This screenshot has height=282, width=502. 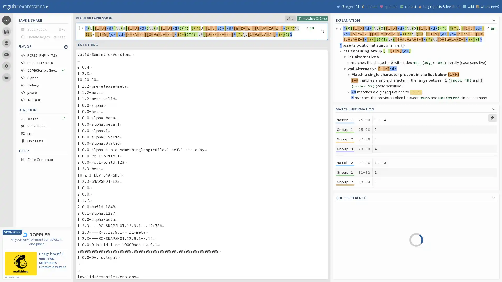 I want to click on Match 3, so click(x=345, y=205).